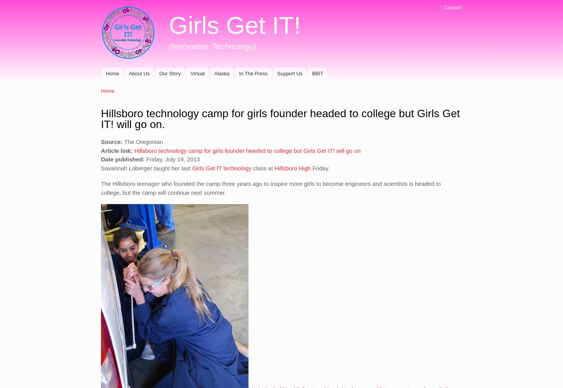 This screenshot has height=388, width=563. Describe the element at coordinates (272, 168) in the screenshot. I see `'Hillsboro High'` at that location.